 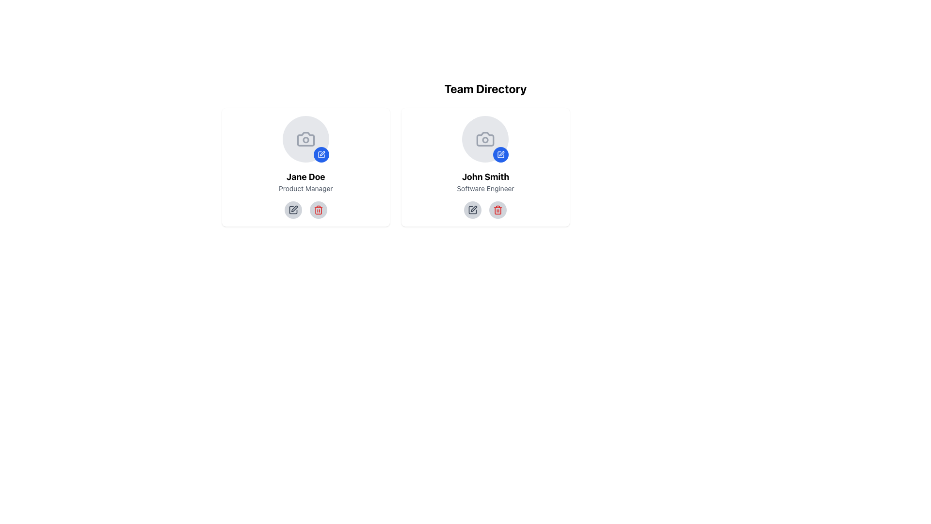 What do you see at coordinates (502, 153) in the screenshot?
I see `the edit button located in the top right quadrant of the profile image in the John Smith card, which allows users to perform an edit operation` at bounding box center [502, 153].